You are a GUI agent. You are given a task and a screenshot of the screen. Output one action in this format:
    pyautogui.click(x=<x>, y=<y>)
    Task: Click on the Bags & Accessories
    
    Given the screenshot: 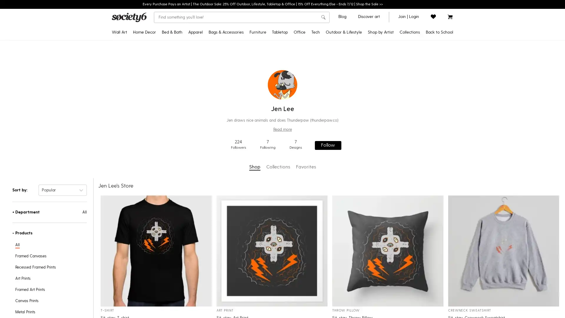 What is the action you would take?
    pyautogui.click(x=225, y=32)
    